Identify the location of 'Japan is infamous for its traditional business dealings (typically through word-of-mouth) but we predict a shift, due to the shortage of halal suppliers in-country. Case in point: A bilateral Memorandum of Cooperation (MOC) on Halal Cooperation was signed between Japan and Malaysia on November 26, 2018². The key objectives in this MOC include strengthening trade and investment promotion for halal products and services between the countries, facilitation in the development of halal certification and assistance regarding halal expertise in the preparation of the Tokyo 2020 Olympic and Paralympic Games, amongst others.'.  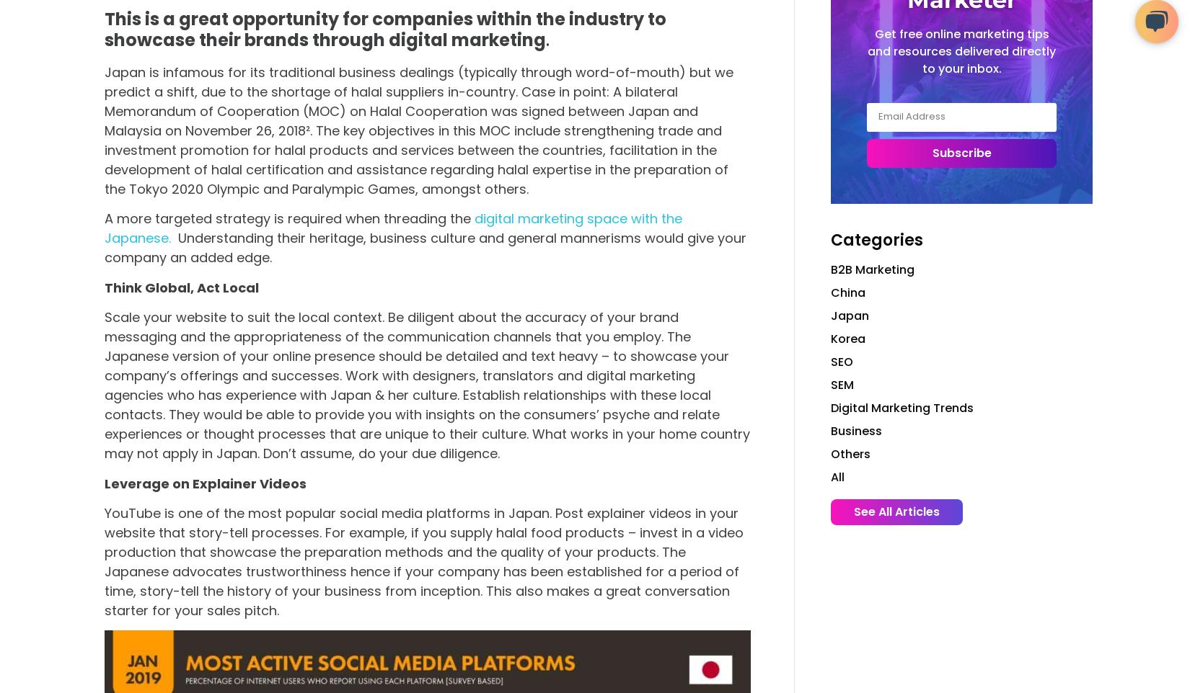
(105, 130).